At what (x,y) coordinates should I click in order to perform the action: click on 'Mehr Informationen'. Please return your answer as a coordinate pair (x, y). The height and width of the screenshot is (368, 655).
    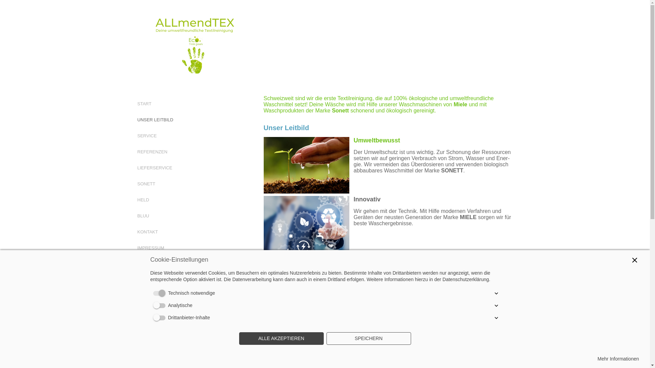
    Looking at the image, I should click on (618, 358).